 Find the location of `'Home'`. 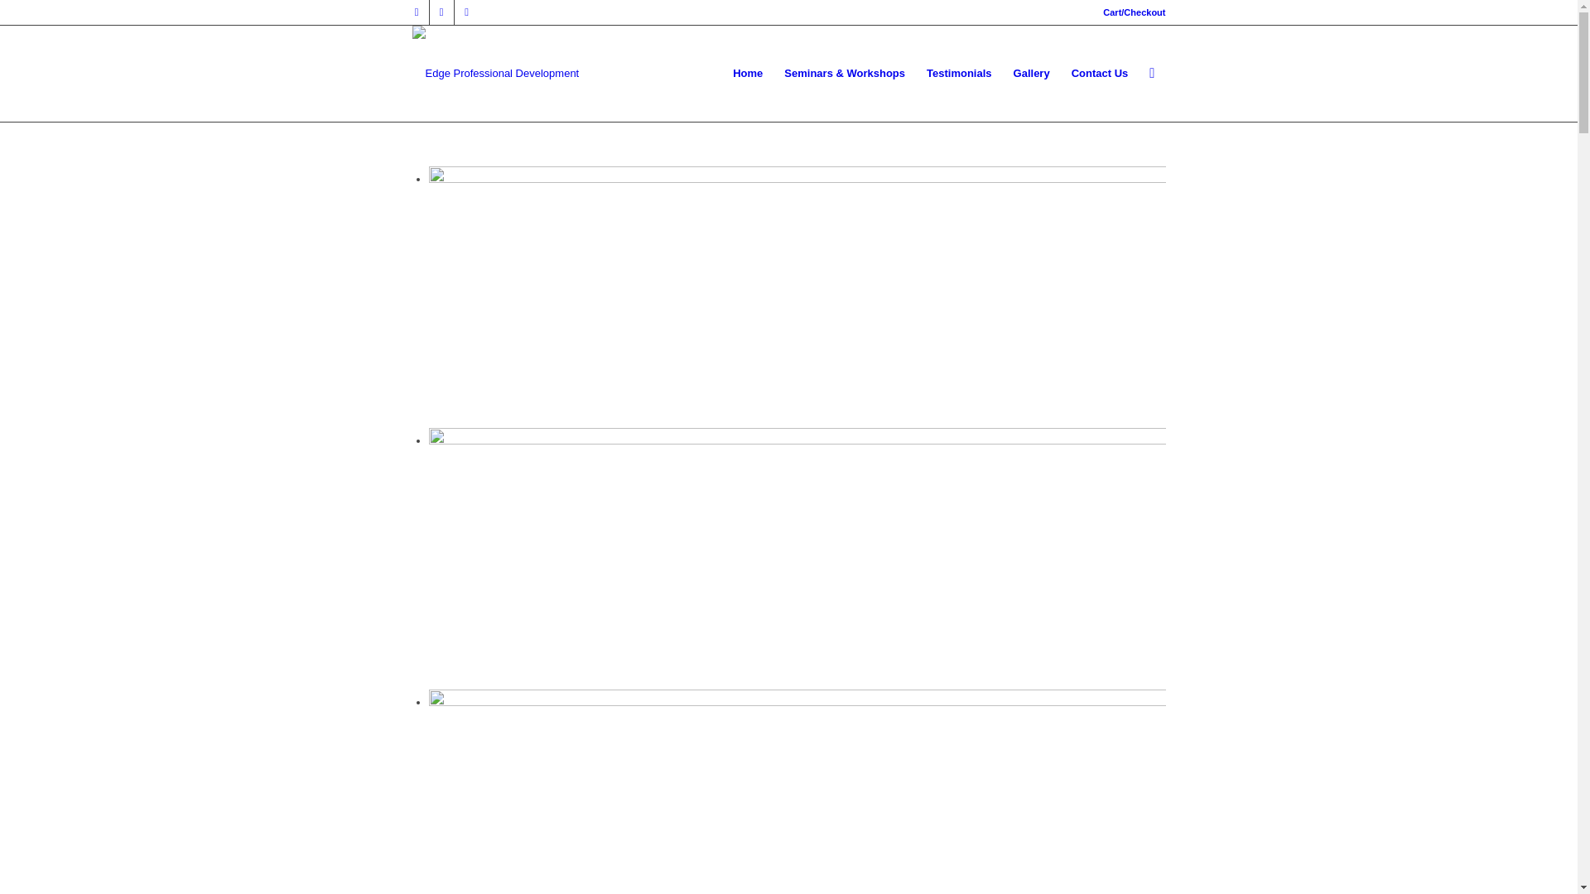

'Home' is located at coordinates (746, 72).